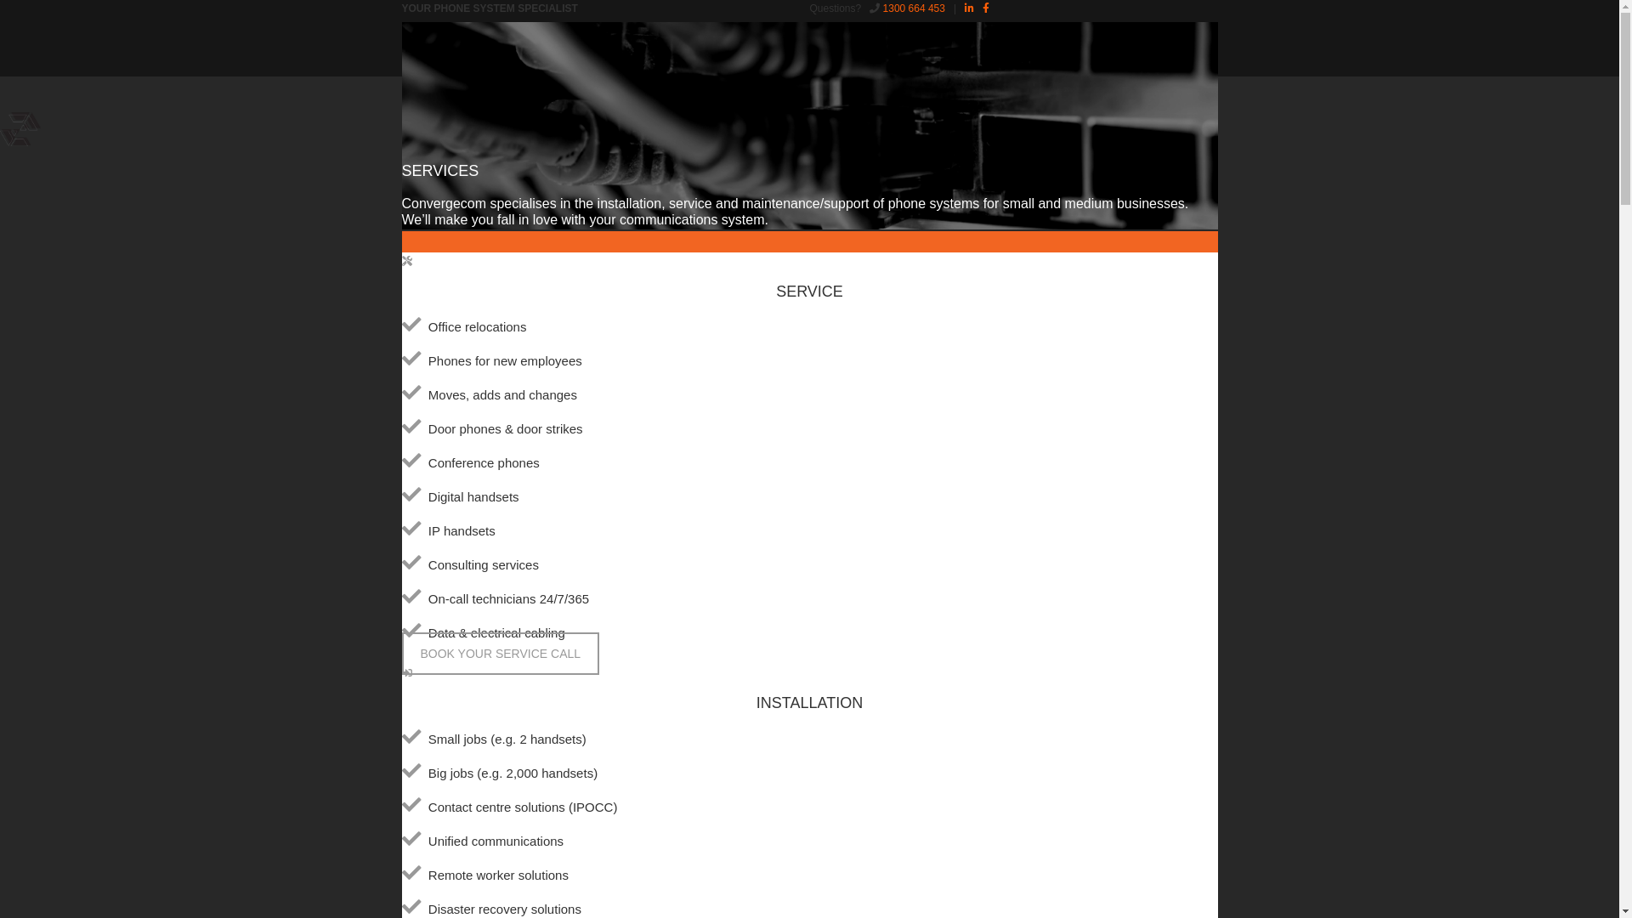 This screenshot has width=1632, height=918. Describe the element at coordinates (672, 88) in the screenshot. I see `'GET IN TOUCH'` at that location.